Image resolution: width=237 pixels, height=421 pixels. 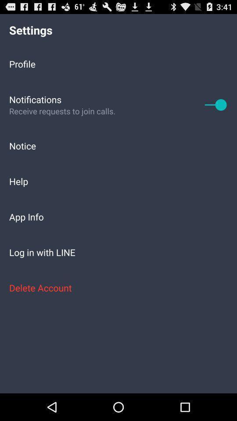 What do you see at coordinates (118, 63) in the screenshot?
I see `item at the top` at bounding box center [118, 63].